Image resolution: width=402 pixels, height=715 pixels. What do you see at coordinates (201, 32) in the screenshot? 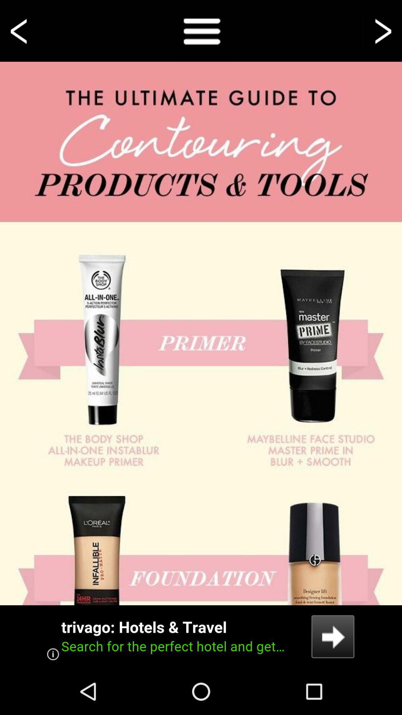
I see `the menu icon` at bounding box center [201, 32].